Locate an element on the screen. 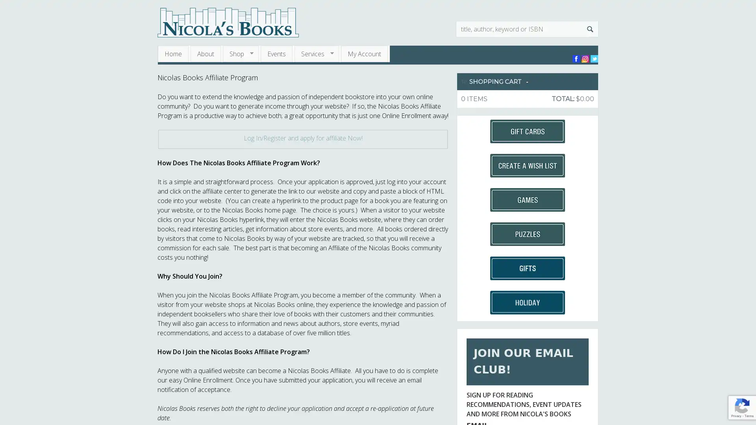  Search is located at coordinates (590, 28).